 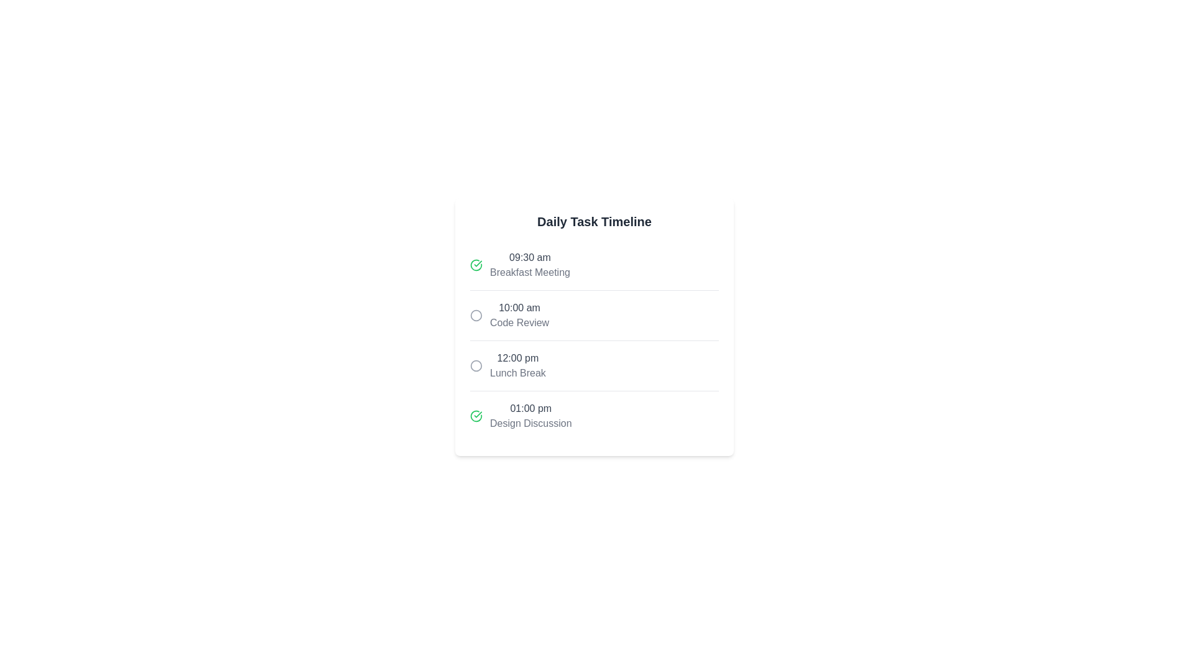 I want to click on the 'Lunch Break' text label, which is a smaller gray font element indicating a scheduled event at 12:00 pm in the task timeline interface, so click(x=517, y=373).